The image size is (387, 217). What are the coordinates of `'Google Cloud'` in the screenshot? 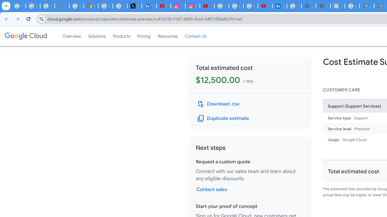 It's located at (25, 36).